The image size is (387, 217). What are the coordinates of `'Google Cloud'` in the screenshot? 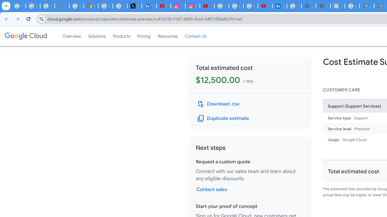 It's located at (25, 36).